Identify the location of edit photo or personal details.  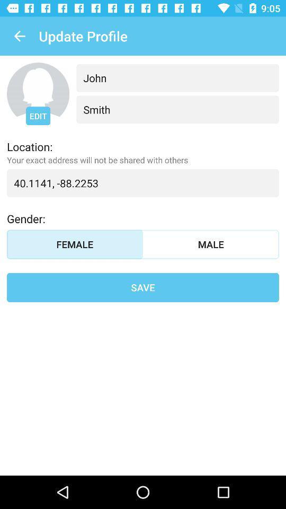
(38, 93).